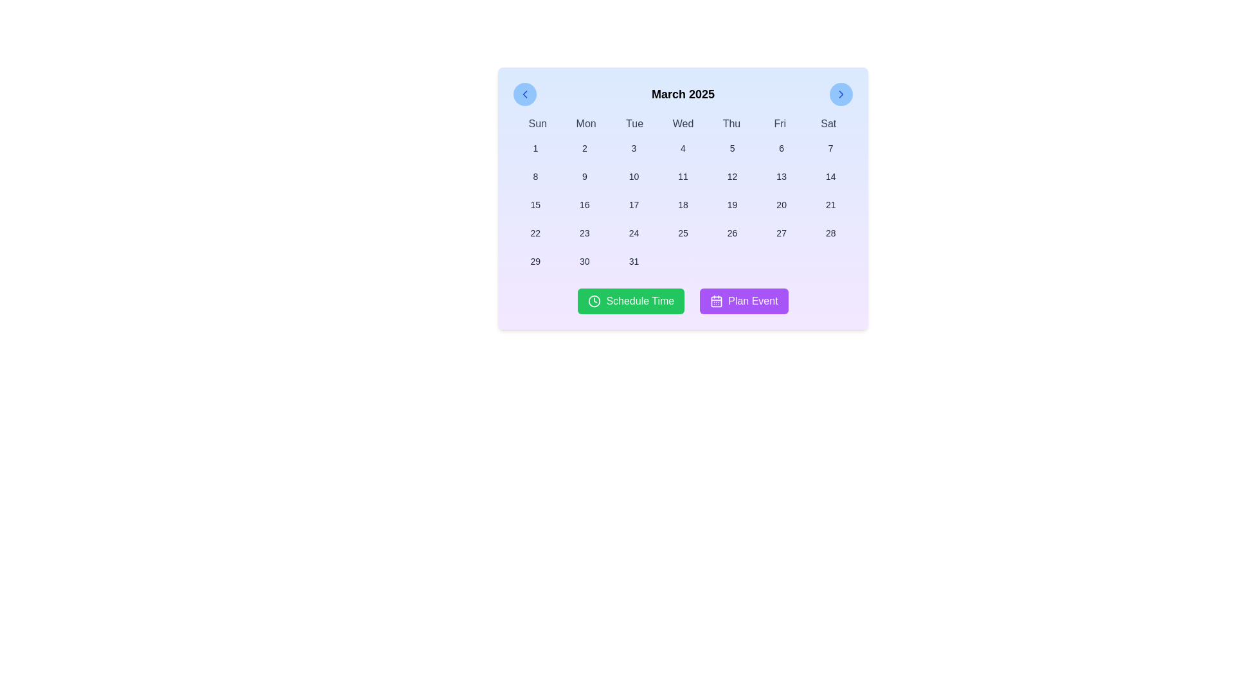  What do you see at coordinates (732, 233) in the screenshot?
I see `the button indicating the 26th day of March 2025 to trigger the hover effect` at bounding box center [732, 233].